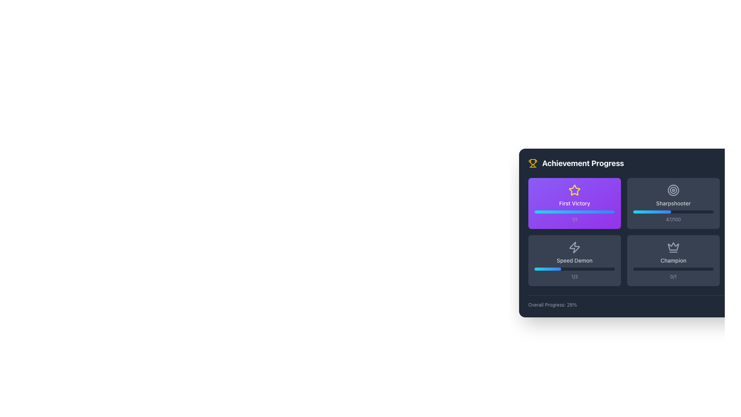  Describe the element at coordinates (574, 269) in the screenshot. I see `the Progress bar that visually represents the completion status of the 'Speed Demon' achievement, located below the text label 'Speed Demon' and the progress counter '1/3'` at that location.